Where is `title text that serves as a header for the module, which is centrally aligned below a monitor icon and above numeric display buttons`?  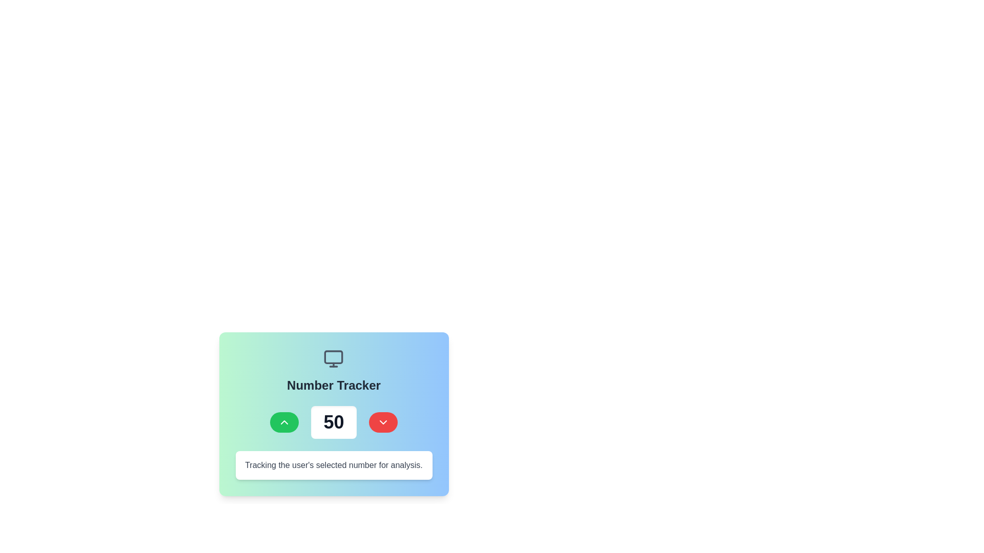
title text that serves as a header for the module, which is centrally aligned below a monitor icon and above numeric display buttons is located at coordinates (334, 385).